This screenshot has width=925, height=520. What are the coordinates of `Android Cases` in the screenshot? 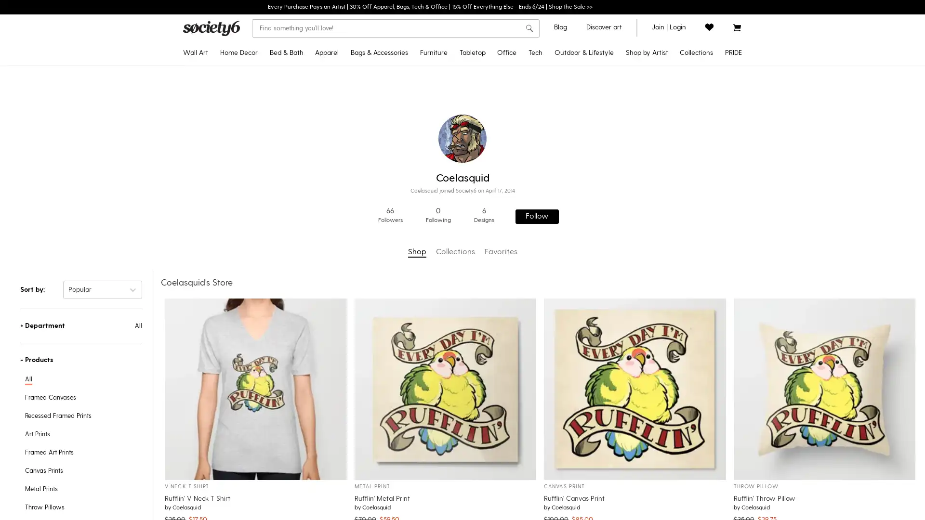 It's located at (569, 92).